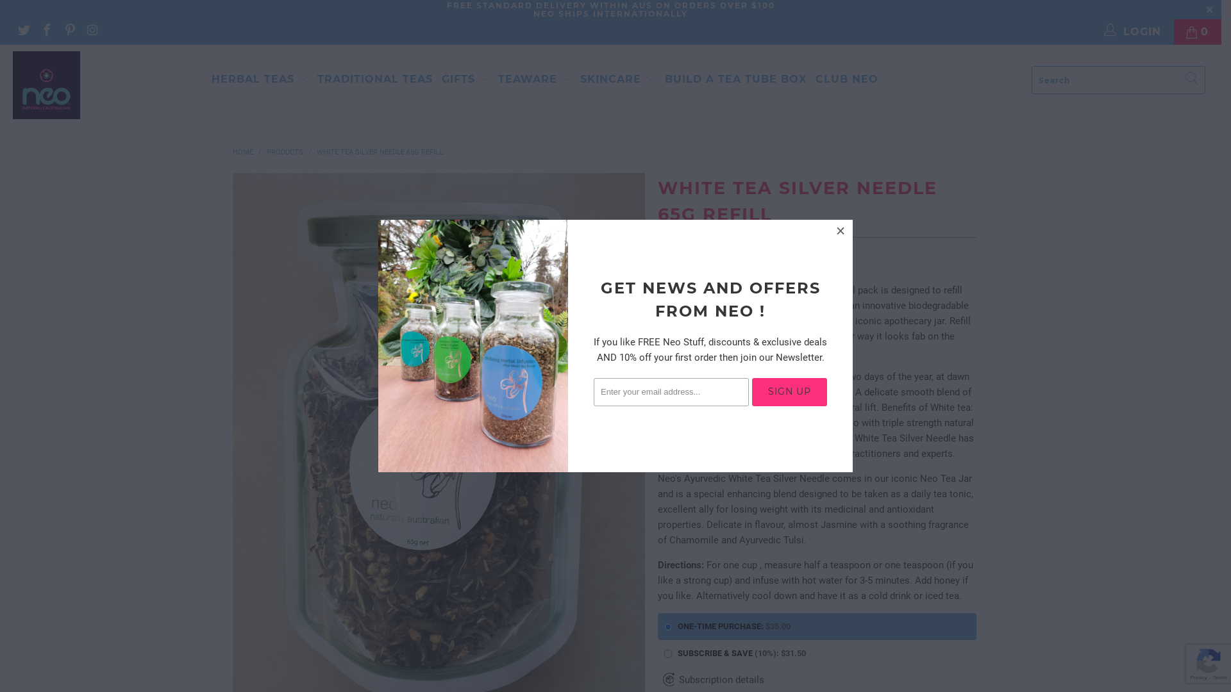  What do you see at coordinates (69, 31) in the screenshot?
I see `'Neo Australia on Pinterest'` at bounding box center [69, 31].